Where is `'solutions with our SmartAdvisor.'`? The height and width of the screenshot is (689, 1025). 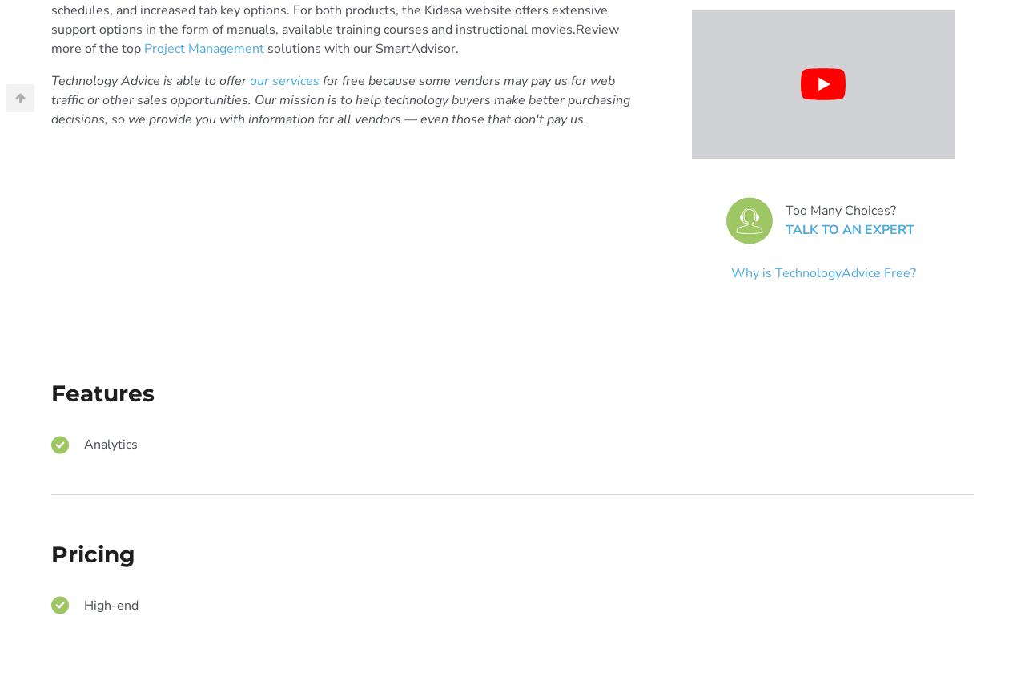 'solutions with our SmartAdvisor.' is located at coordinates (360, 47).